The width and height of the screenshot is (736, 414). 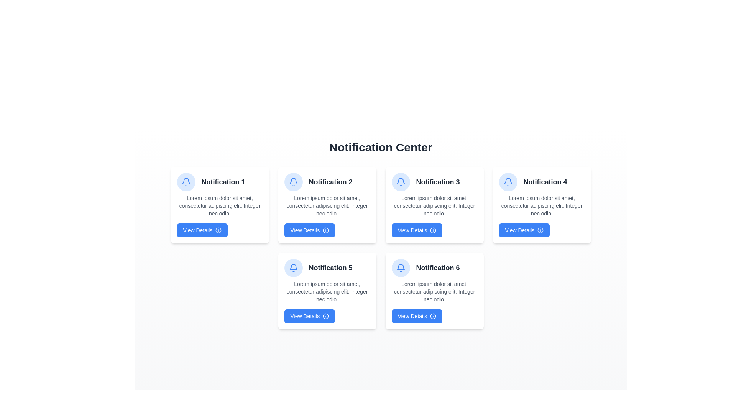 What do you see at coordinates (541, 182) in the screenshot?
I see `the text label with the bell icon that displays 'Notification 4', located at the top section of the notification card in the top-right corner of the six-card grid layout` at bounding box center [541, 182].